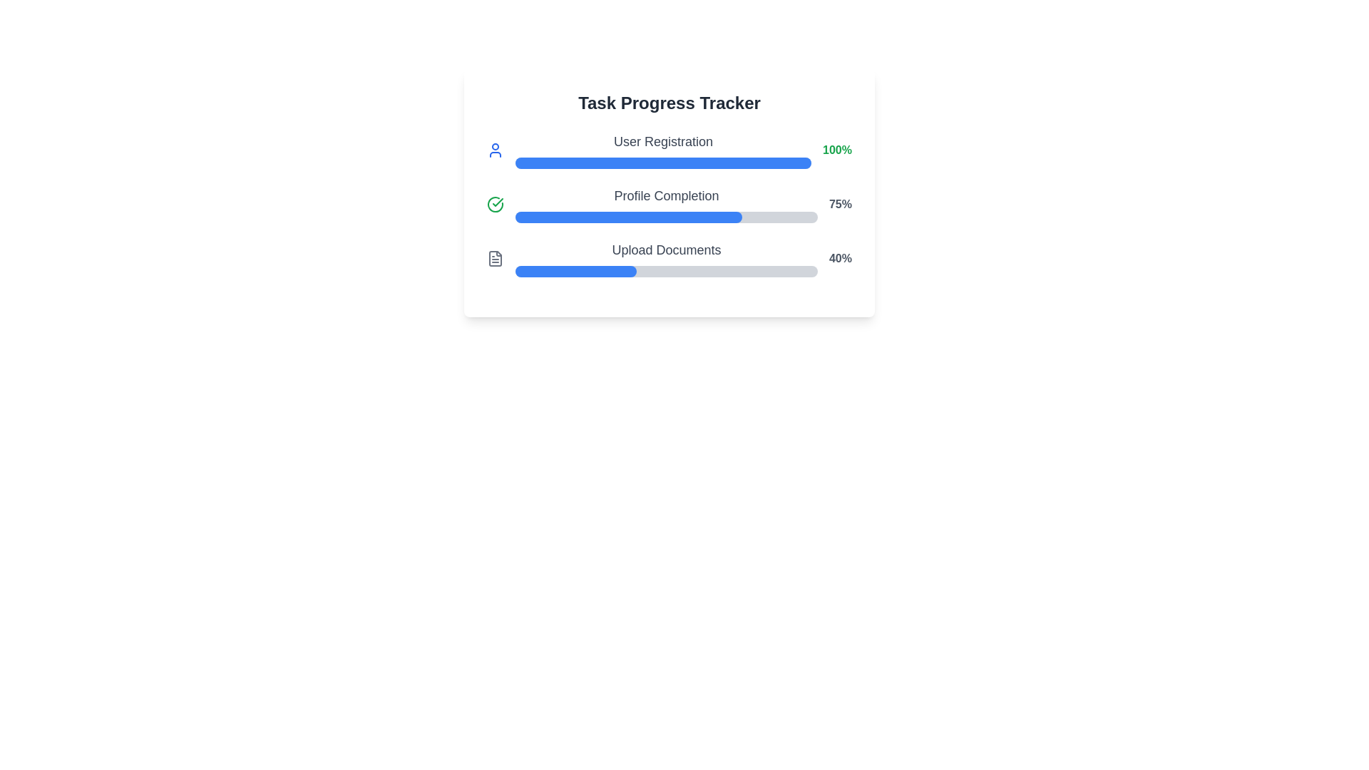 This screenshot has width=1369, height=770. Describe the element at coordinates (666, 217) in the screenshot. I see `the horizontal progress bar indicating 75% completion located below the 'Profile Completion' label` at that location.